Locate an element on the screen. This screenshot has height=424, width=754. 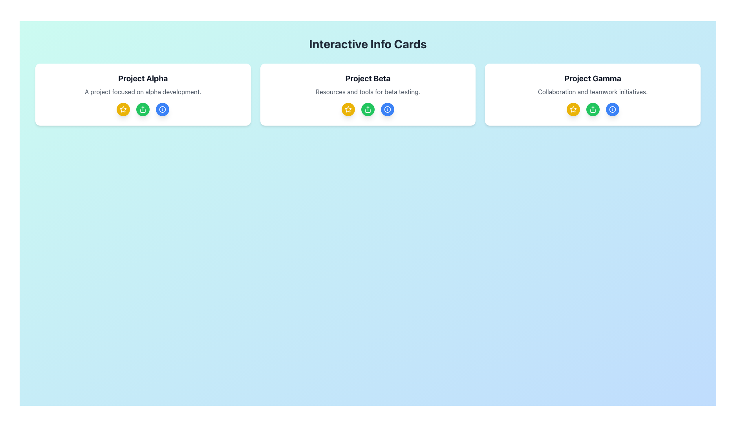
the share or upload icon located as the second icon from the left in the lower section of the 'Project Alpha' card is located at coordinates (143, 109).